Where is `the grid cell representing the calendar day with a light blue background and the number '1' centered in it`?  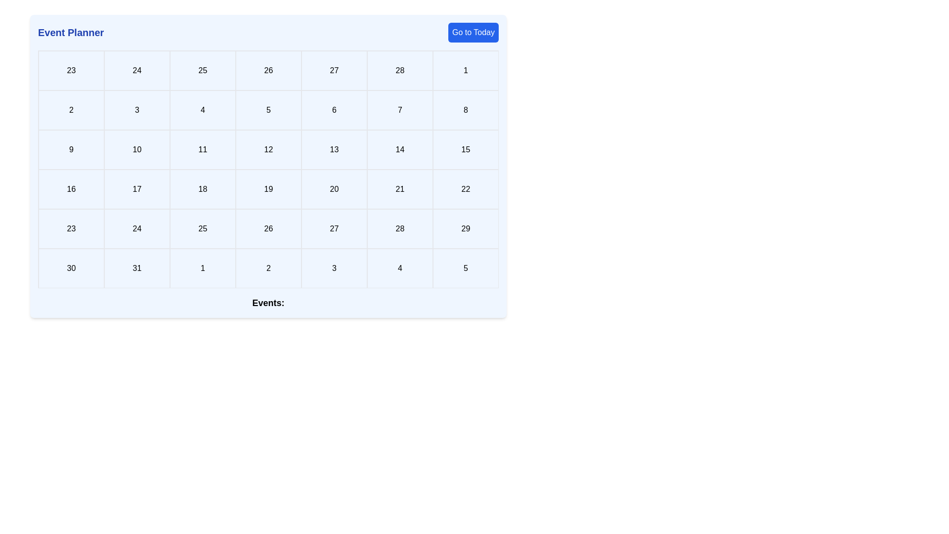
the grid cell representing the calendar day with a light blue background and the number '1' centered in it is located at coordinates (465, 70).